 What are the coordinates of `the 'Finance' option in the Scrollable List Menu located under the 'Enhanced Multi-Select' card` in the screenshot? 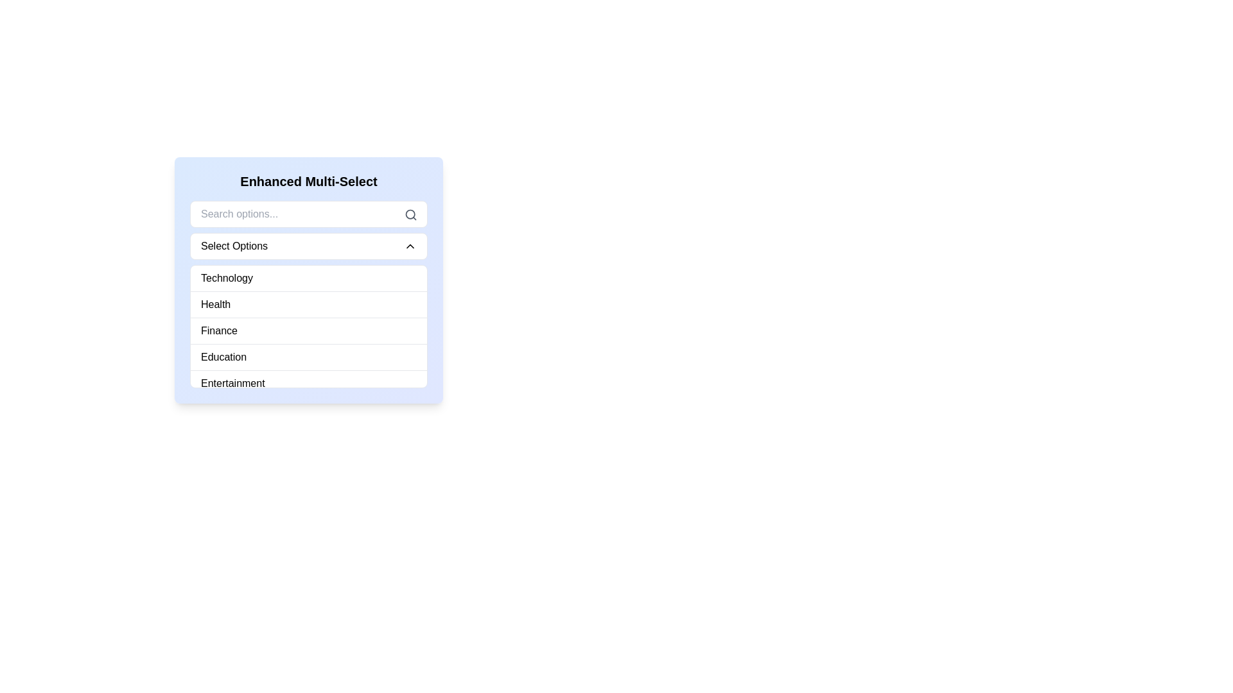 It's located at (308, 326).